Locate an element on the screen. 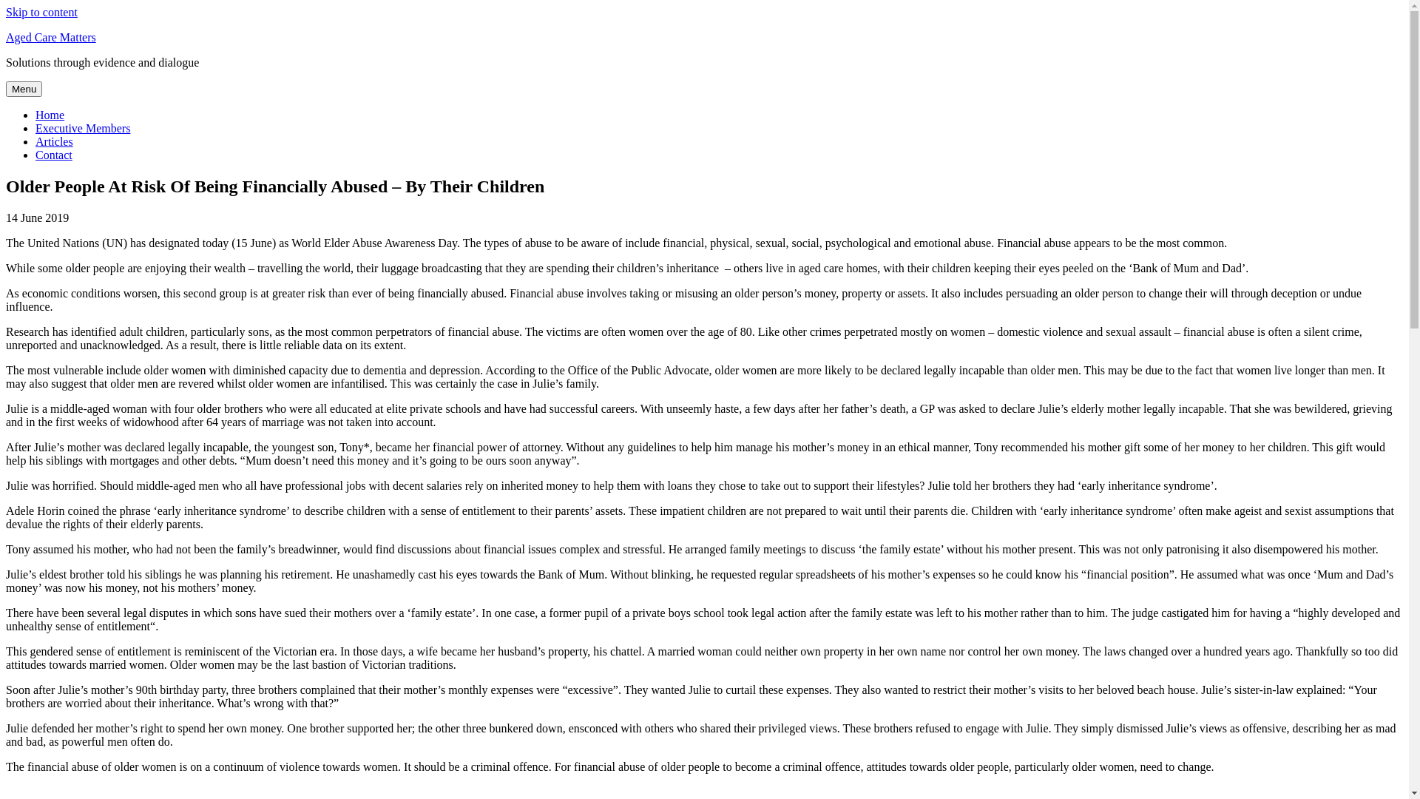 This screenshot has width=1420, height=799. 'Articles' is located at coordinates (54, 141).